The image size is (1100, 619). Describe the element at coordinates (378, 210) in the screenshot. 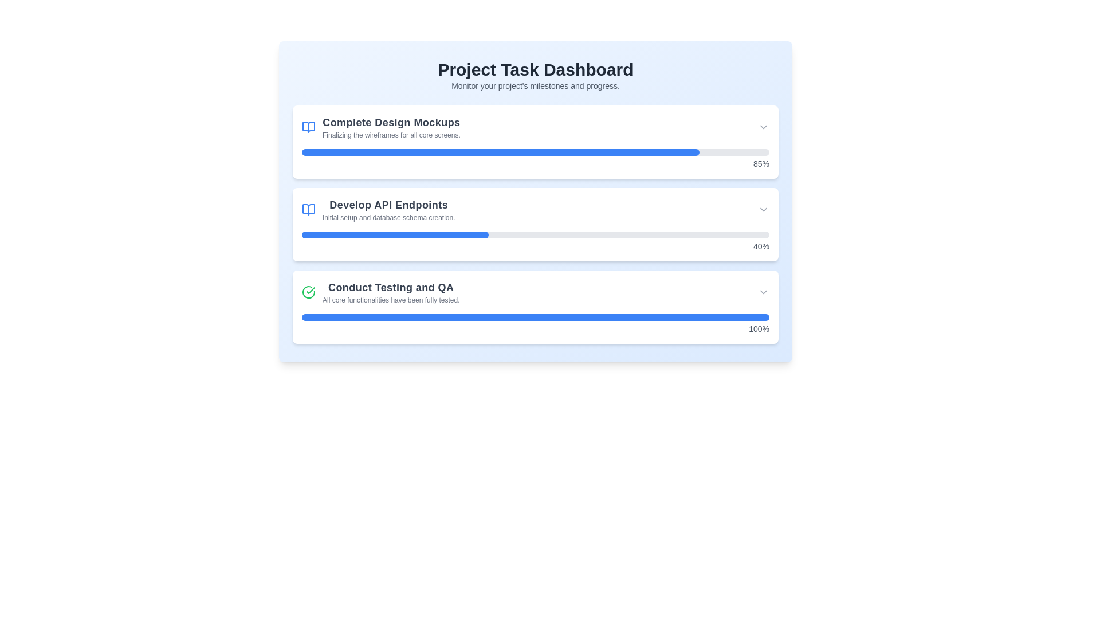

I see `the 'Develop API Endpoints' task item, which is the second task in the project dashboard` at that location.